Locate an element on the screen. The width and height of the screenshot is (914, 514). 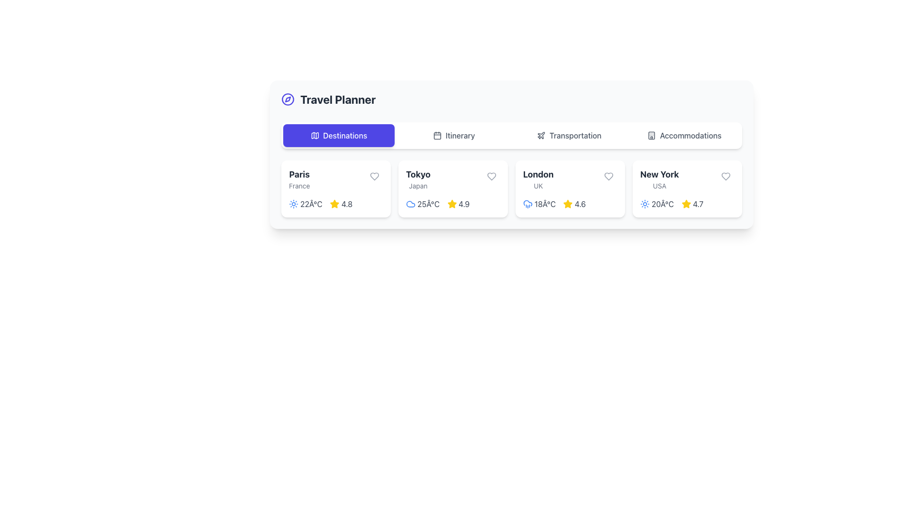
the inner circular part of the compass icon, which is located in the top-left corner of the interface preceding the text 'Travel Planner' is located at coordinates (287, 99).